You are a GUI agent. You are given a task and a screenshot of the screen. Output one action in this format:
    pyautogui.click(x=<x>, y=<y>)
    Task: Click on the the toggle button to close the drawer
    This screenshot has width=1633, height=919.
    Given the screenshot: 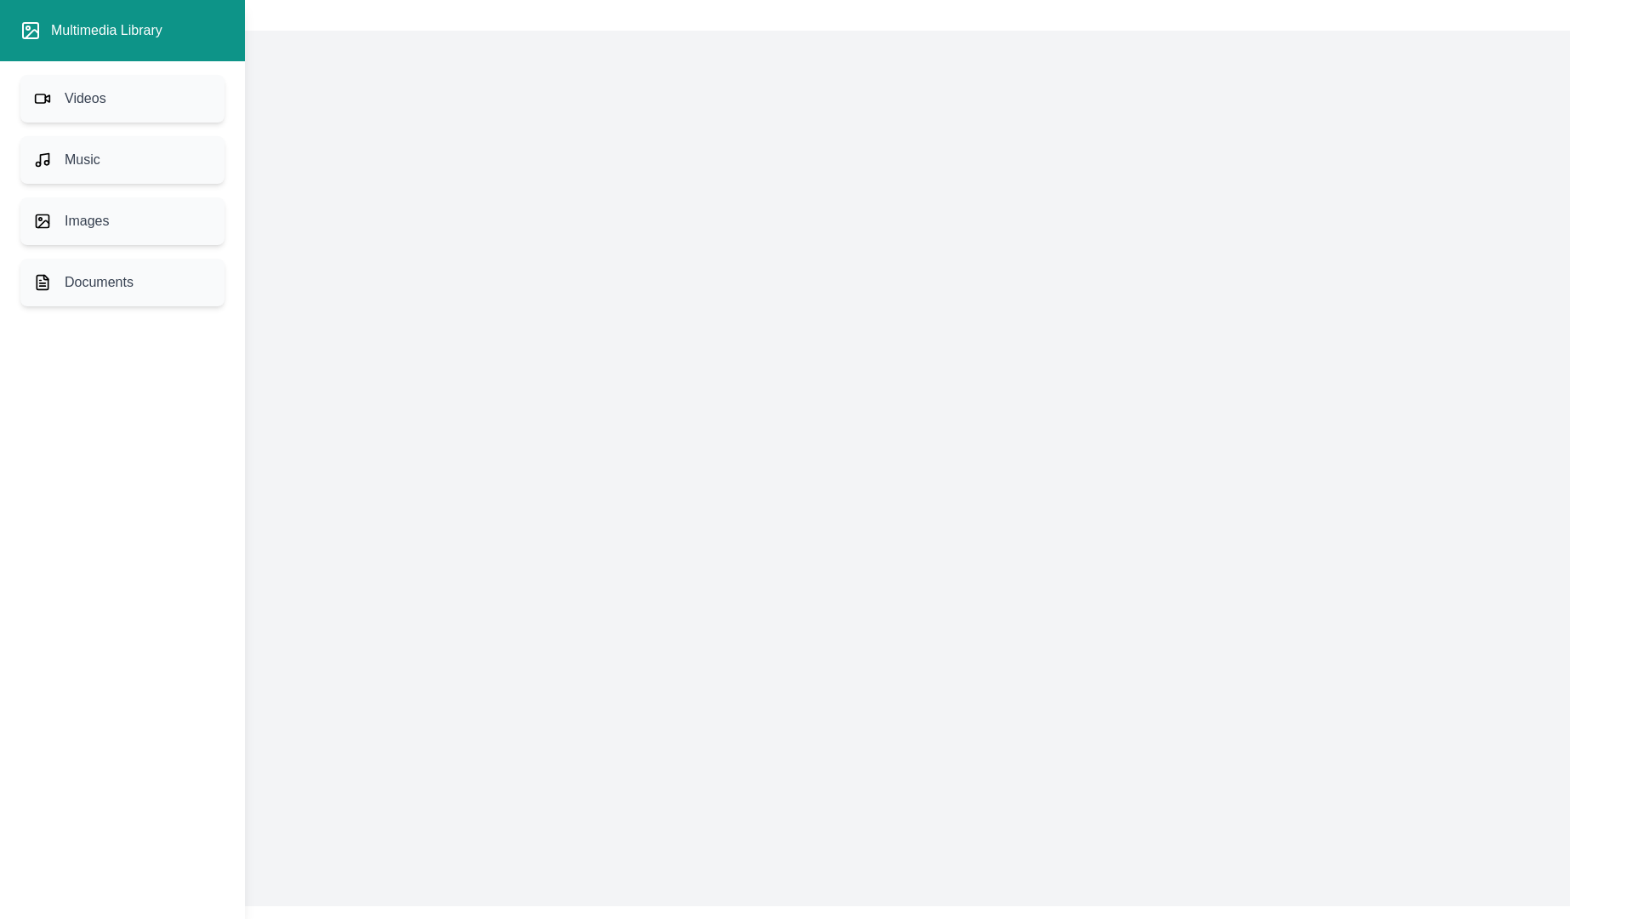 What is the action you would take?
    pyautogui.click(x=44, y=43)
    